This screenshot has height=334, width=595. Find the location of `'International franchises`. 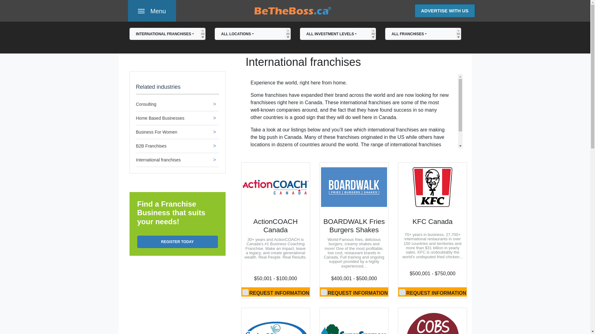

'International franchises is located at coordinates (177, 161).